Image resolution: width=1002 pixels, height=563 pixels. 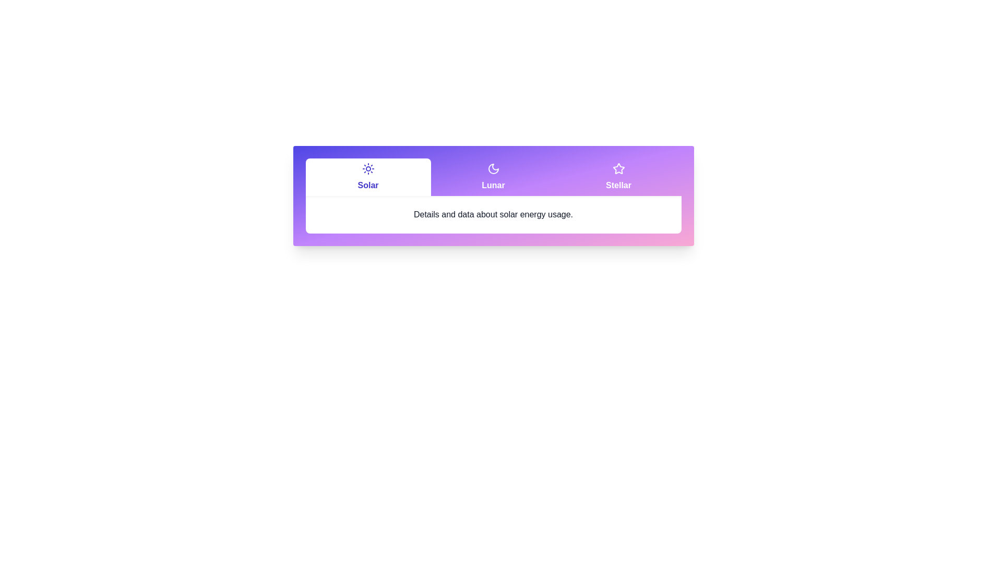 I want to click on the tab header icon corresponding to the Solar tab, so click(x=368, y=168).